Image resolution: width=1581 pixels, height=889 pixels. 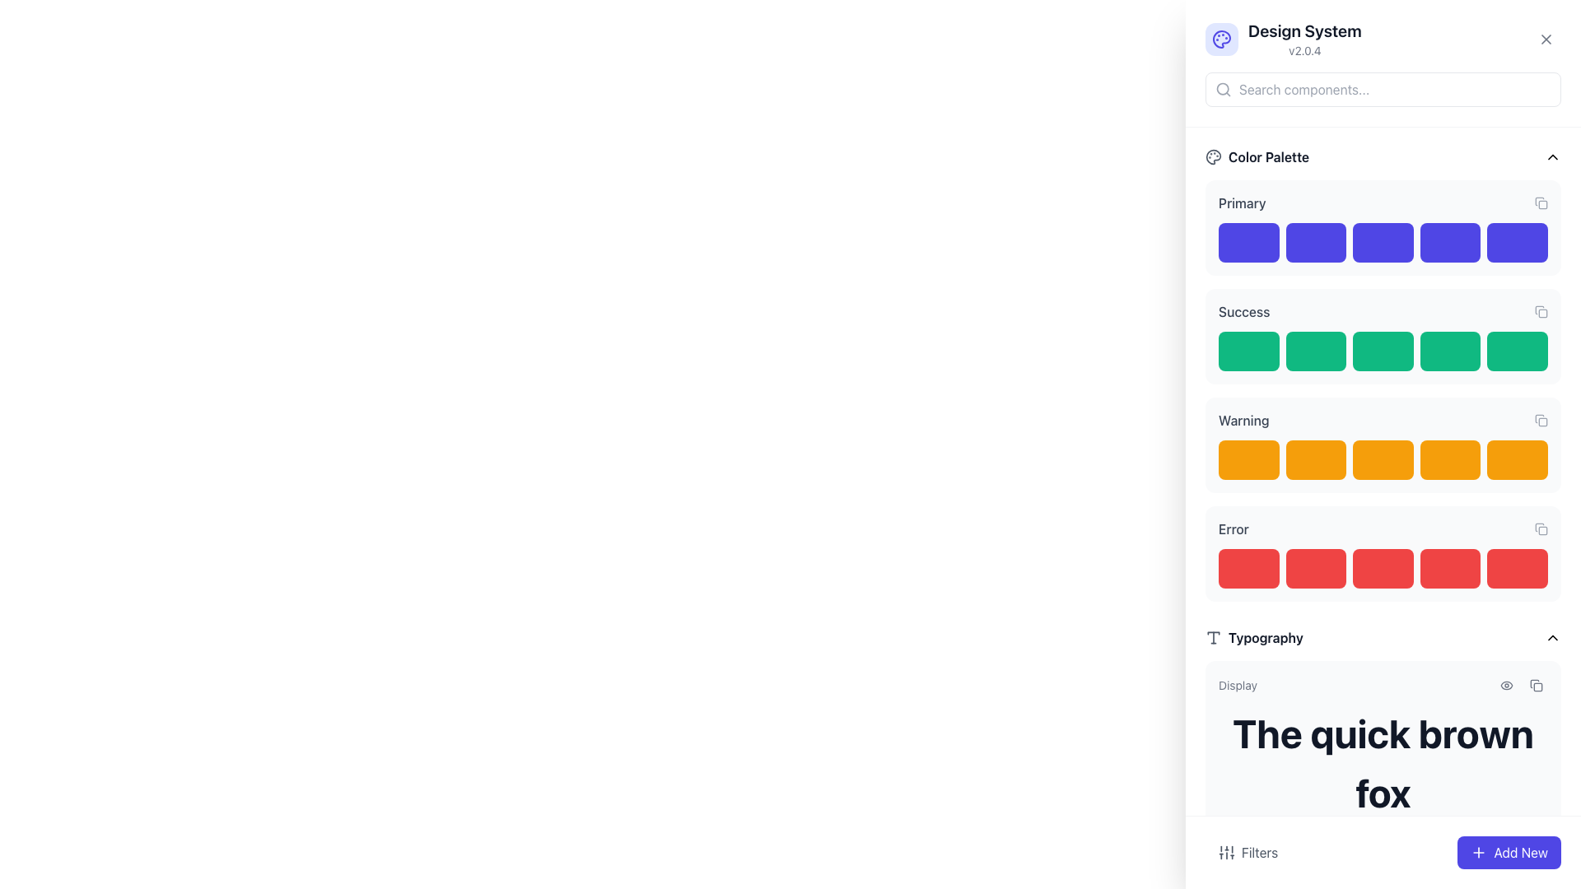 What do you see at coordinates (1521, 872) in the screenshot?
I see `the copy icon in the utility toolbar located in the bottom-right section of the interface` at bounding box center [1521, 872].